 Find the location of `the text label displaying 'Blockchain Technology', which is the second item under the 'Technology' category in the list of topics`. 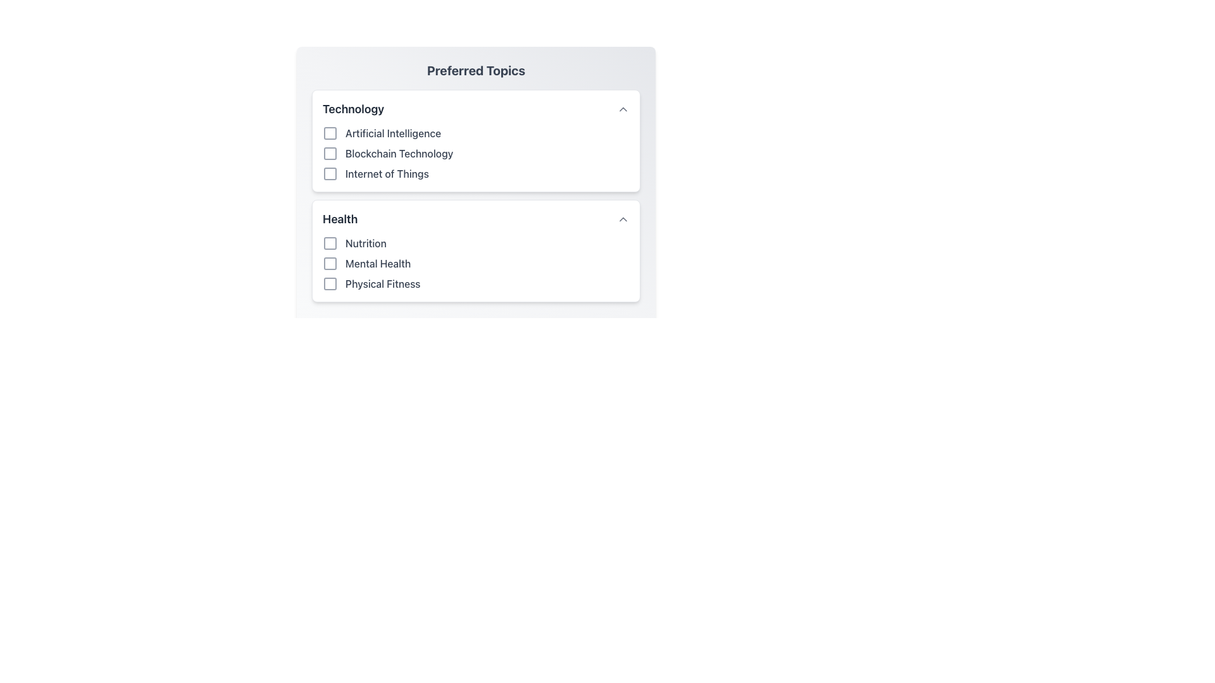

the text label displaying 'Blockchain Technology', which is the second item under the 'Technology' category in the list of topics is located at coordinates (399, 153).